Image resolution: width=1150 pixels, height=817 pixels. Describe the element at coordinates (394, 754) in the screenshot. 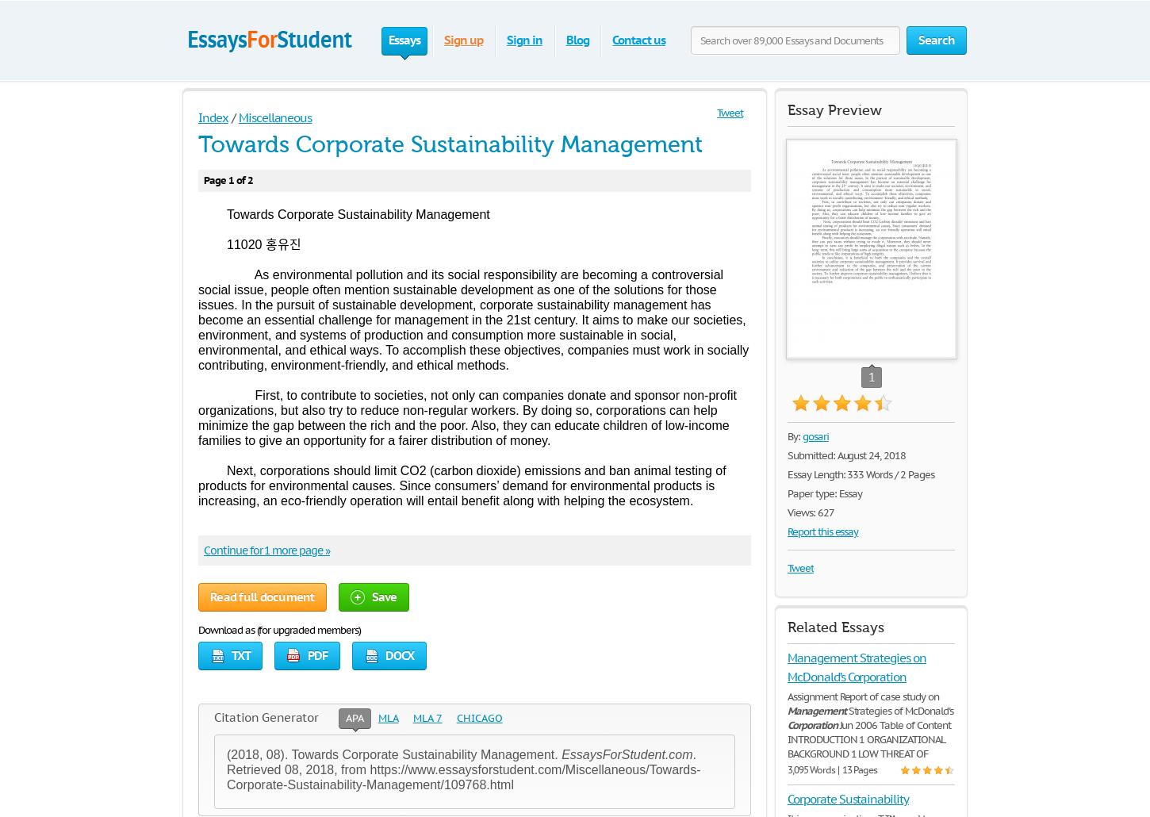

I see `'(2018, 08). Towards Corporate Sustainability Management.'` at that location.